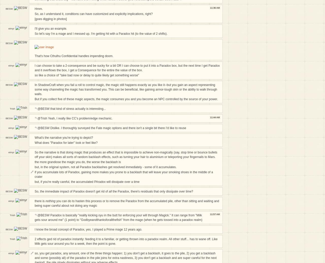 The height and width of the screenshot is (263, 325). Describe the element at coordinates (87, 75) in the screenshot. I see `'so like a choice of "take bad now or delay to quite likely get something worse"'` at that location.